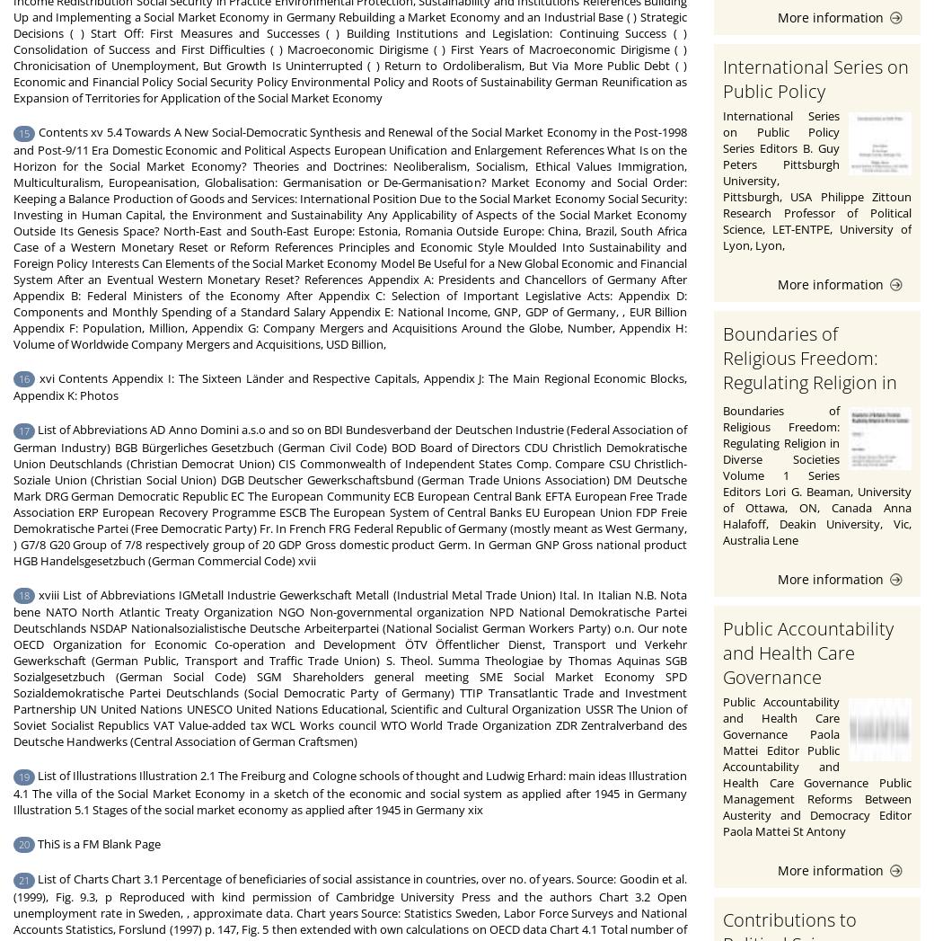 The image size is (943, 941). What do you see at coordinates (97, 843) in the screenshot?
I see `'ThiS is a FM Blank Page'` at bounding box center [97, 843].